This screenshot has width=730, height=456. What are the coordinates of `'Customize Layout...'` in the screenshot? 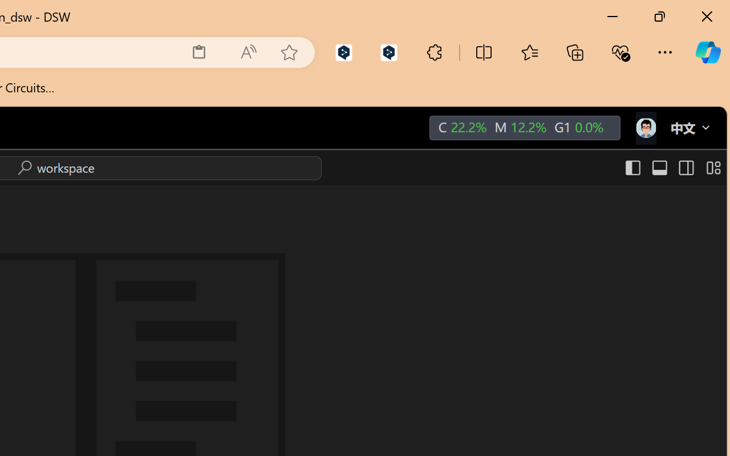 It's located at (711, 168).